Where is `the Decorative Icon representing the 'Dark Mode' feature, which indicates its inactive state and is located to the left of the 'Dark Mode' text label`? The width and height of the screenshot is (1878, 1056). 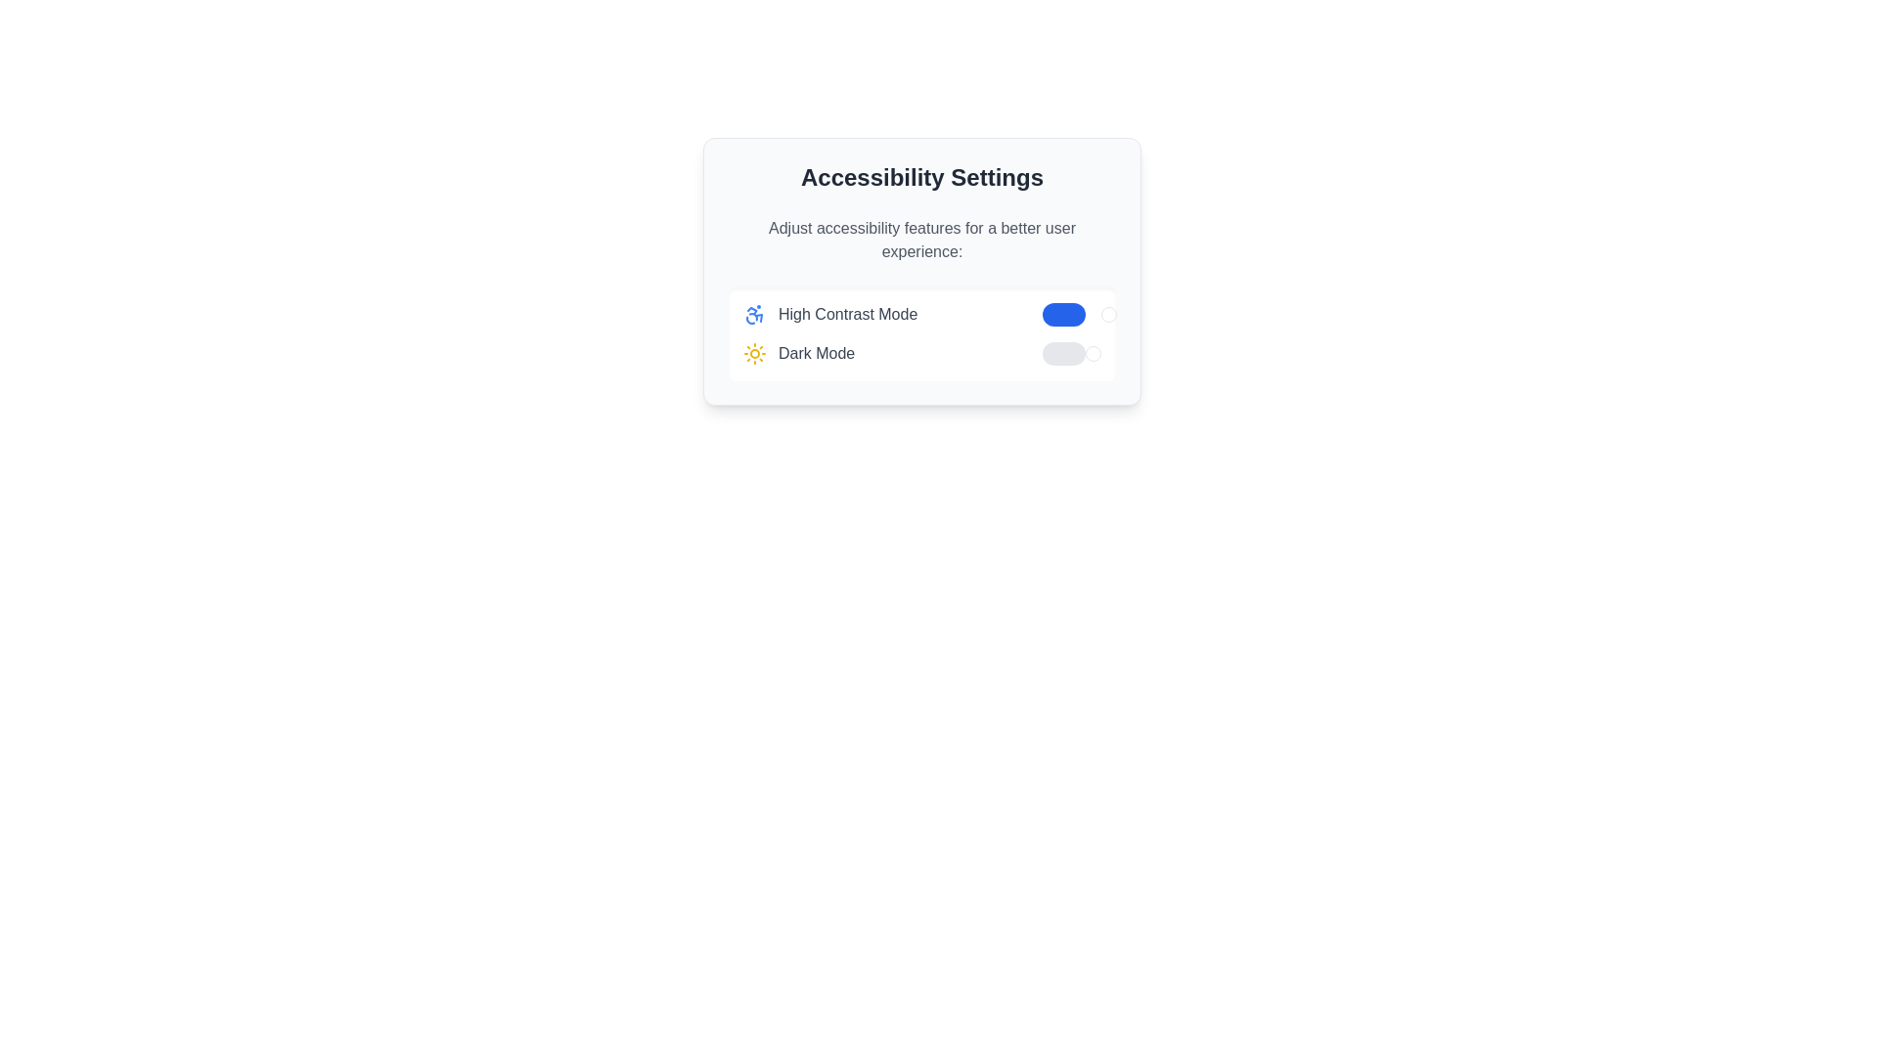 the Decorative Icon representing the 'Dark Mode' feature, which indicates its inactive state and is located to the left of the 'Dark Mode' text label is located at coordinates (754, 354).